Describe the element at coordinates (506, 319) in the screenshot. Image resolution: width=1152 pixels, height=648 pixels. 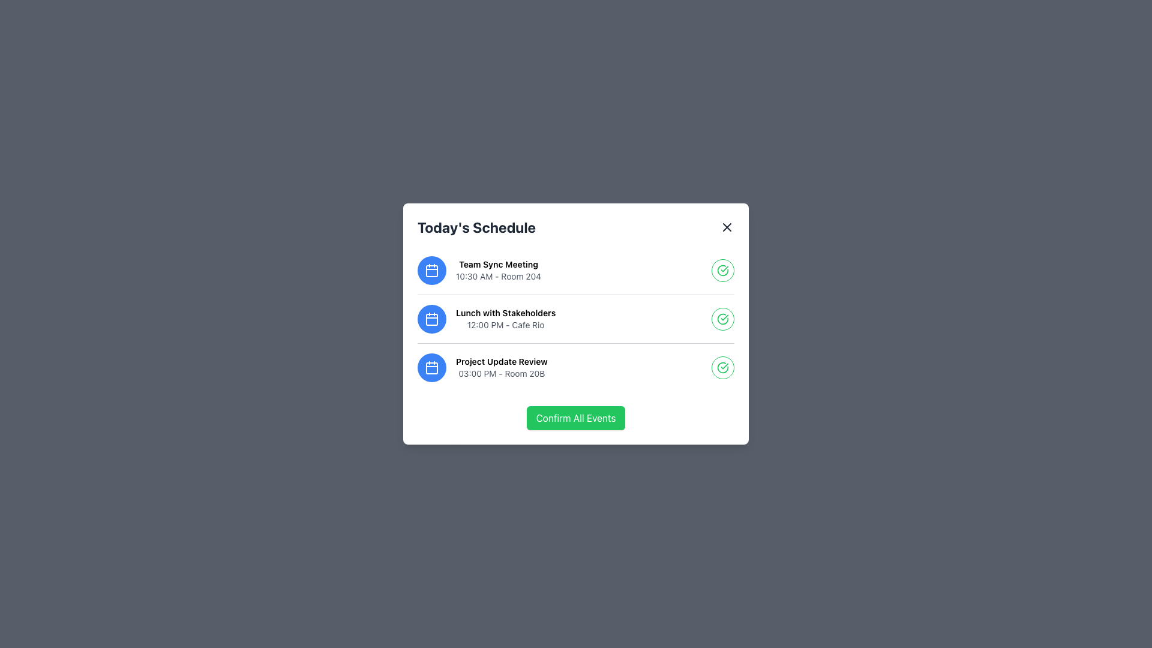
I see `text content of the second event listing in the 'Today's Schedule' card, which includes details about the event such as title, time, and location` at that location.